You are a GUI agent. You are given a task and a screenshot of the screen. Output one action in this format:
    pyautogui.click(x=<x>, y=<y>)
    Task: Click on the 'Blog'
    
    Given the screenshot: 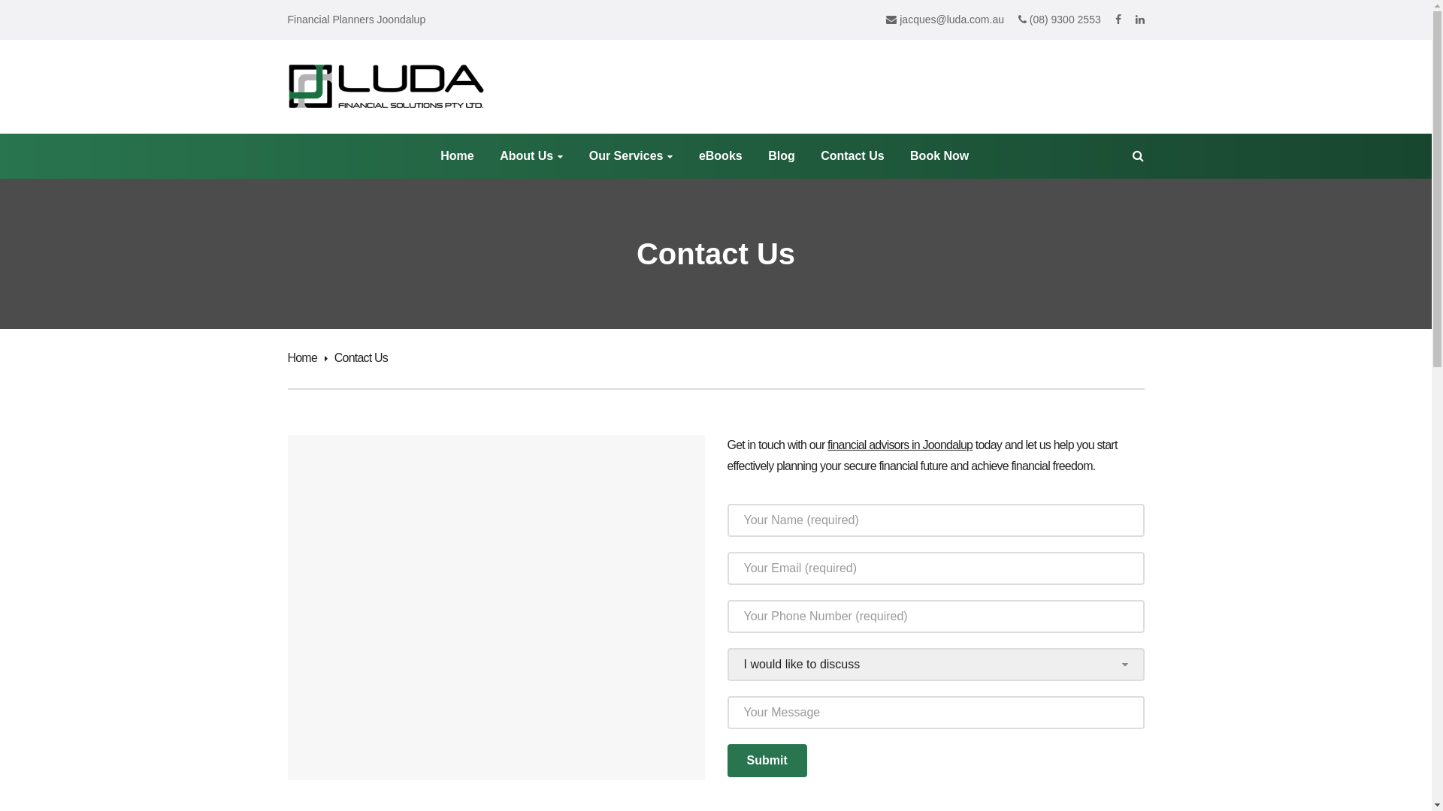 What is the action you would take?
    pyautogui.click(x=782, y=156)
    